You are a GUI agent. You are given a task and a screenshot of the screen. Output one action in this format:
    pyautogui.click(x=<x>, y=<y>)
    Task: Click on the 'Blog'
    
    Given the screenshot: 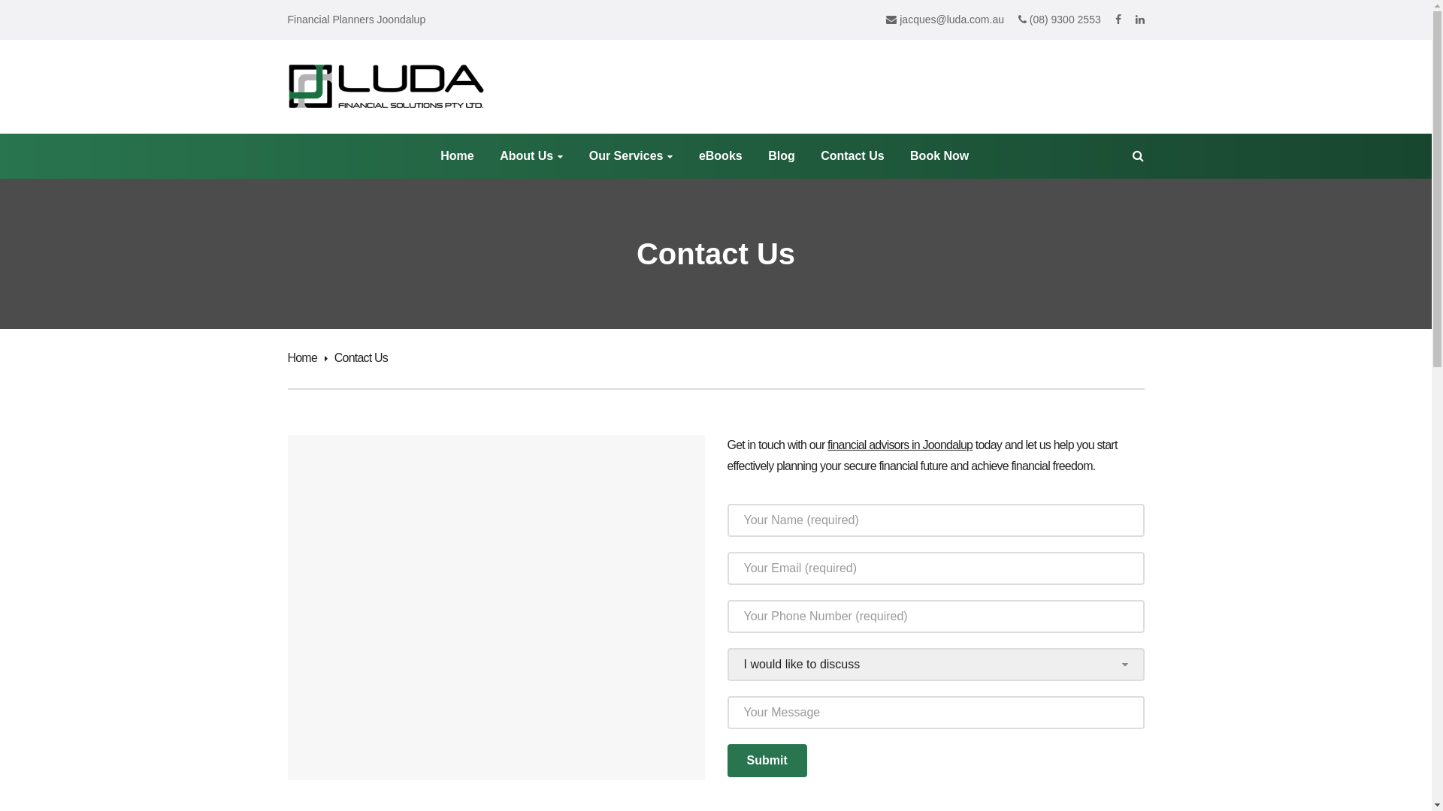 What is the action you would take?
    pyautogui.click(x=782, y=156)
    